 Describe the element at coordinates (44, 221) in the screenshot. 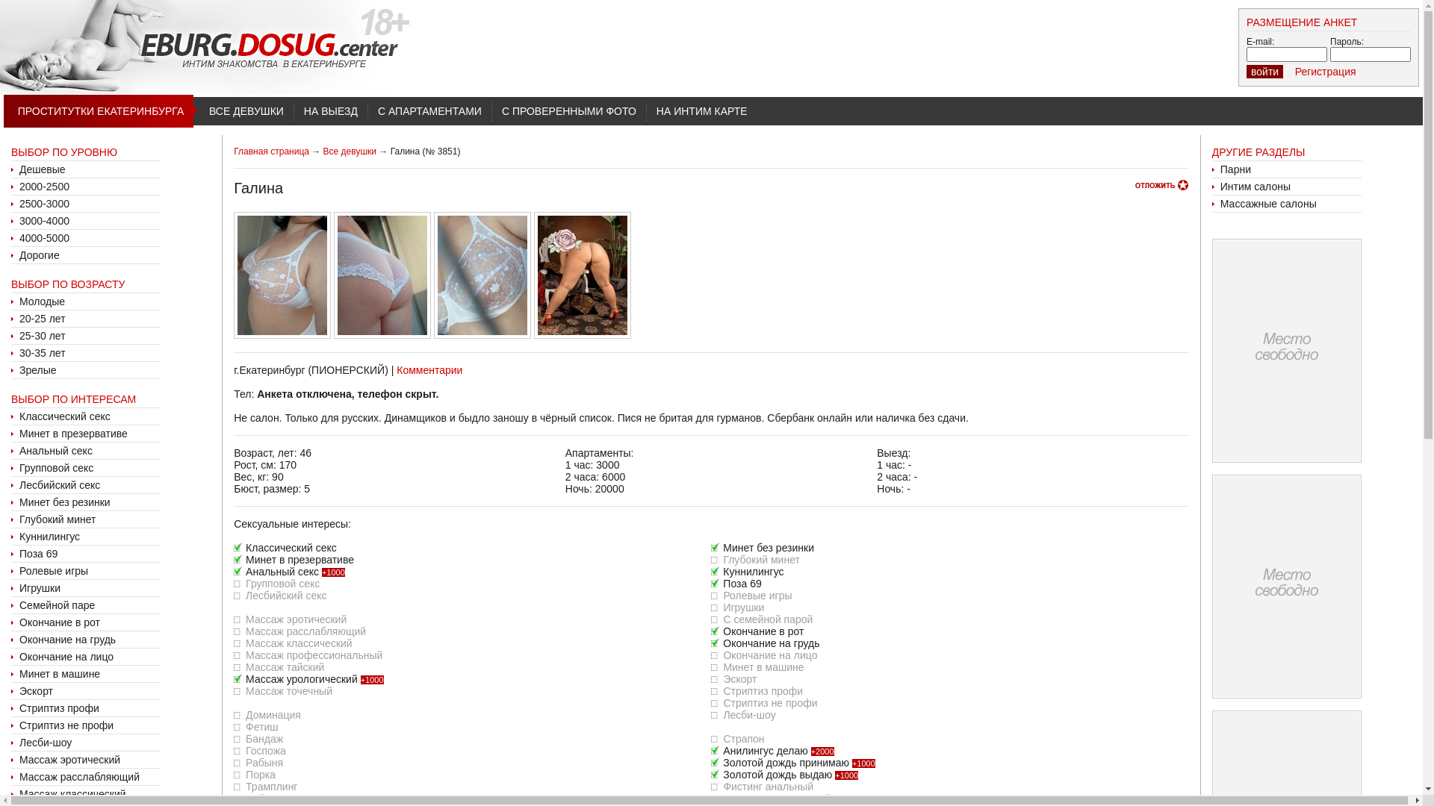

I see `'3000-4000'` at that location.